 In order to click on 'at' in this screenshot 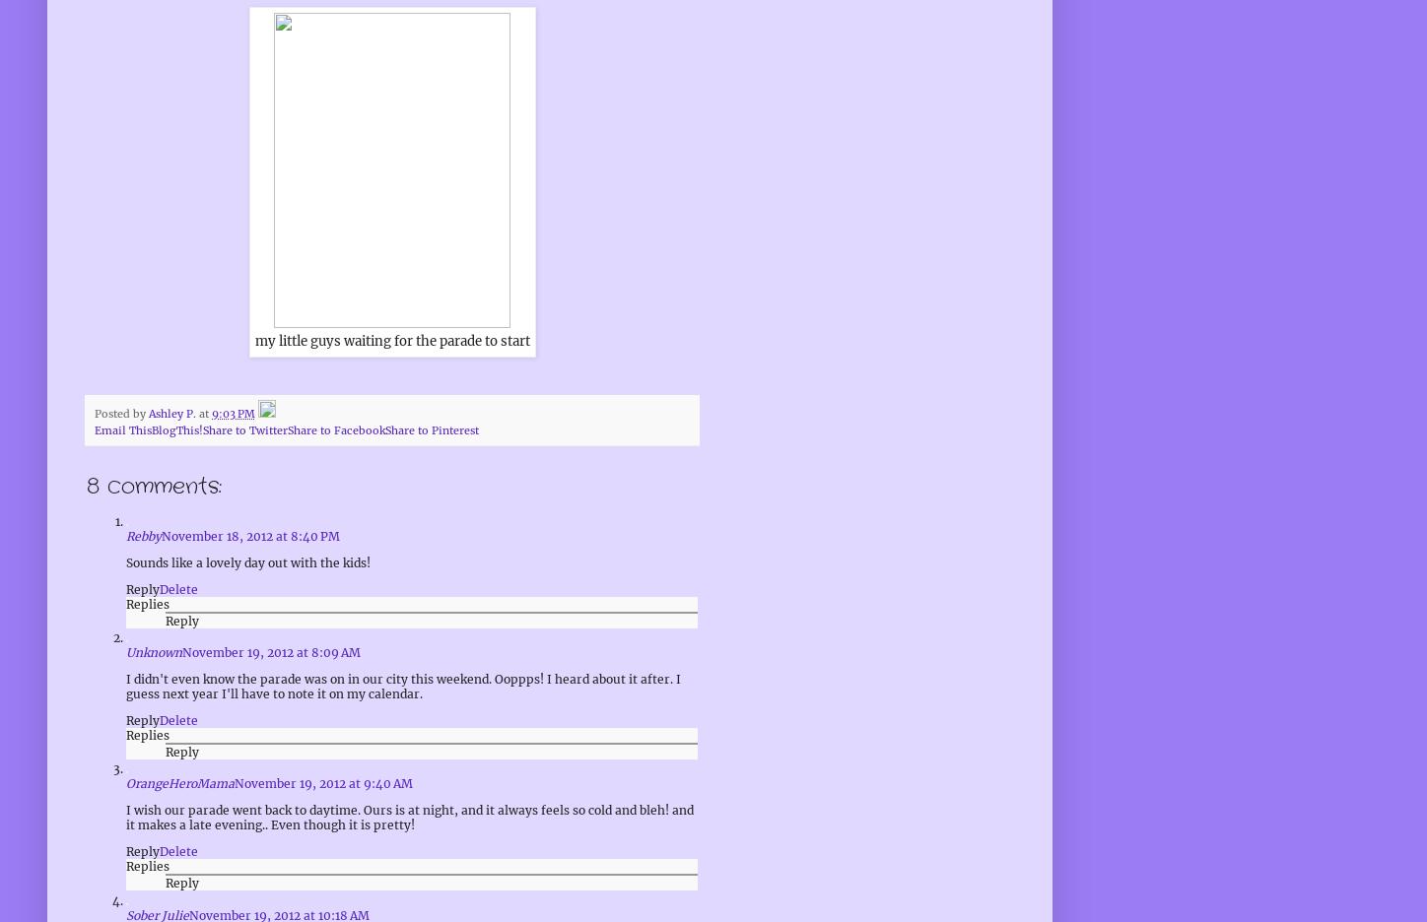, I will do `click(205, 412)`.